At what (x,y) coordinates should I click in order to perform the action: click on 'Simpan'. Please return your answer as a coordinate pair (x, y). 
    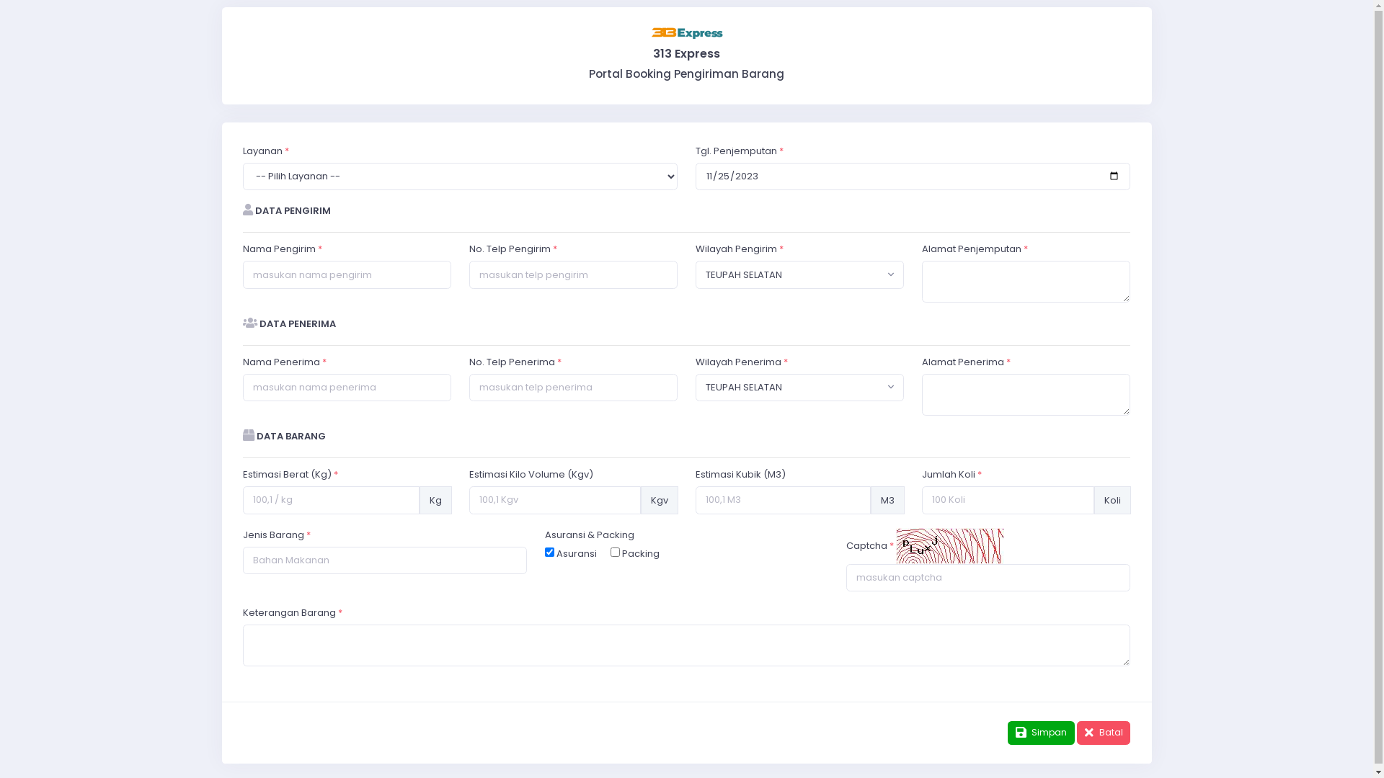
    Looking at the image, I should click on (1041, 733).